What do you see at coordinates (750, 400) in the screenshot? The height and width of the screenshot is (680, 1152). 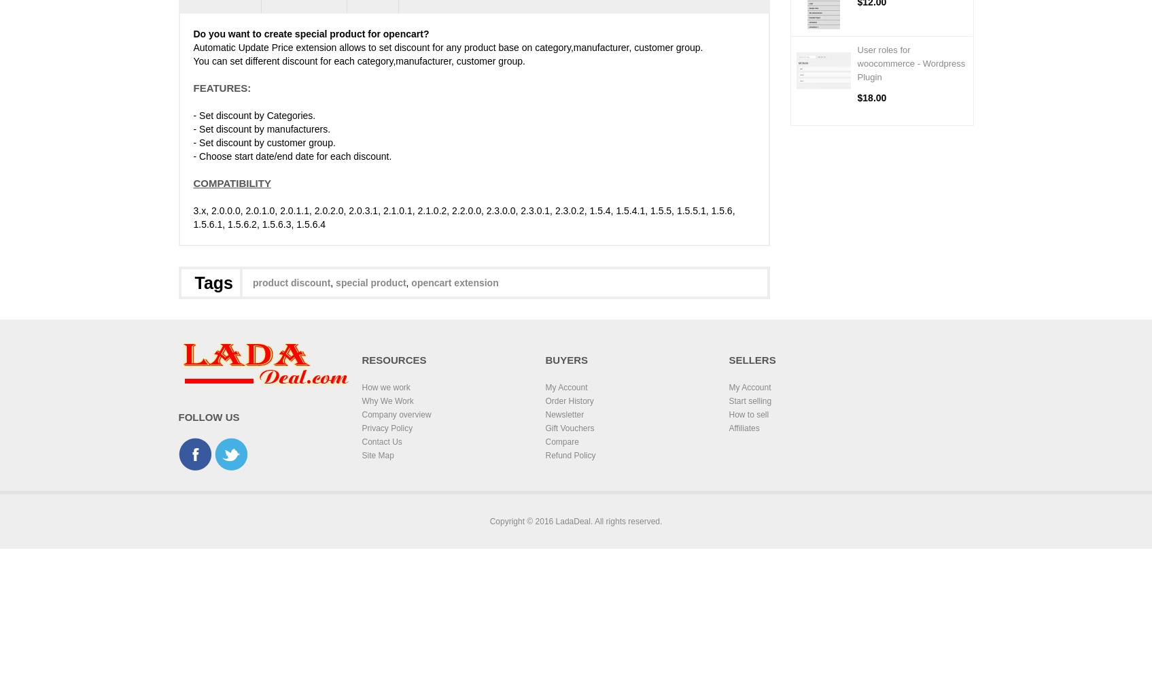 I see `'Start selling'` at bounding box center [750, 400].